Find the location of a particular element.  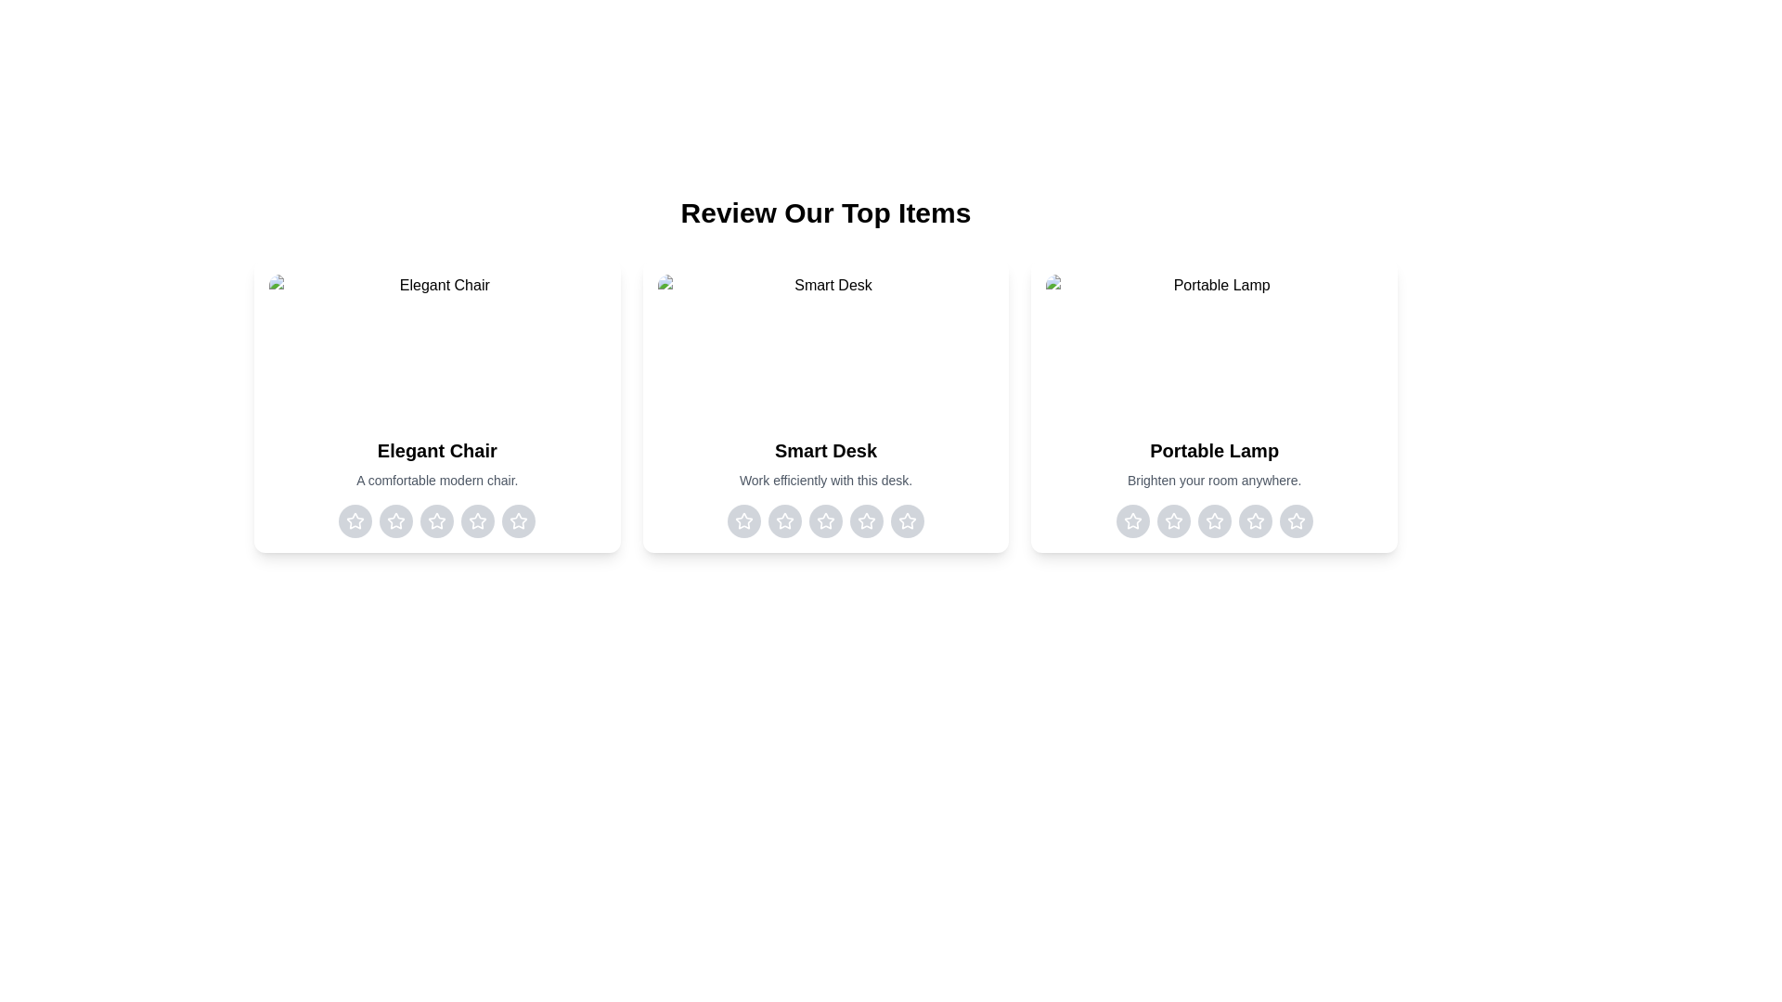

the rating for the item 'Portable Lamp' to 3 stars is located at coordinates (1214, 521).